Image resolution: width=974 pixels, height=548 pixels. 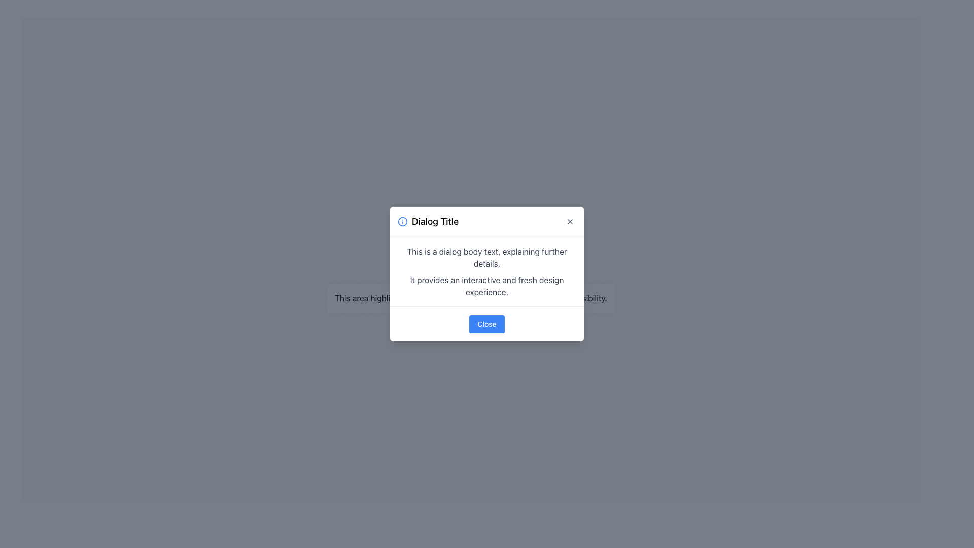 I want to click on the 'X' button in the top-right corner of the dialog box titled 'Dialog Title', so click(x=570, y=221).